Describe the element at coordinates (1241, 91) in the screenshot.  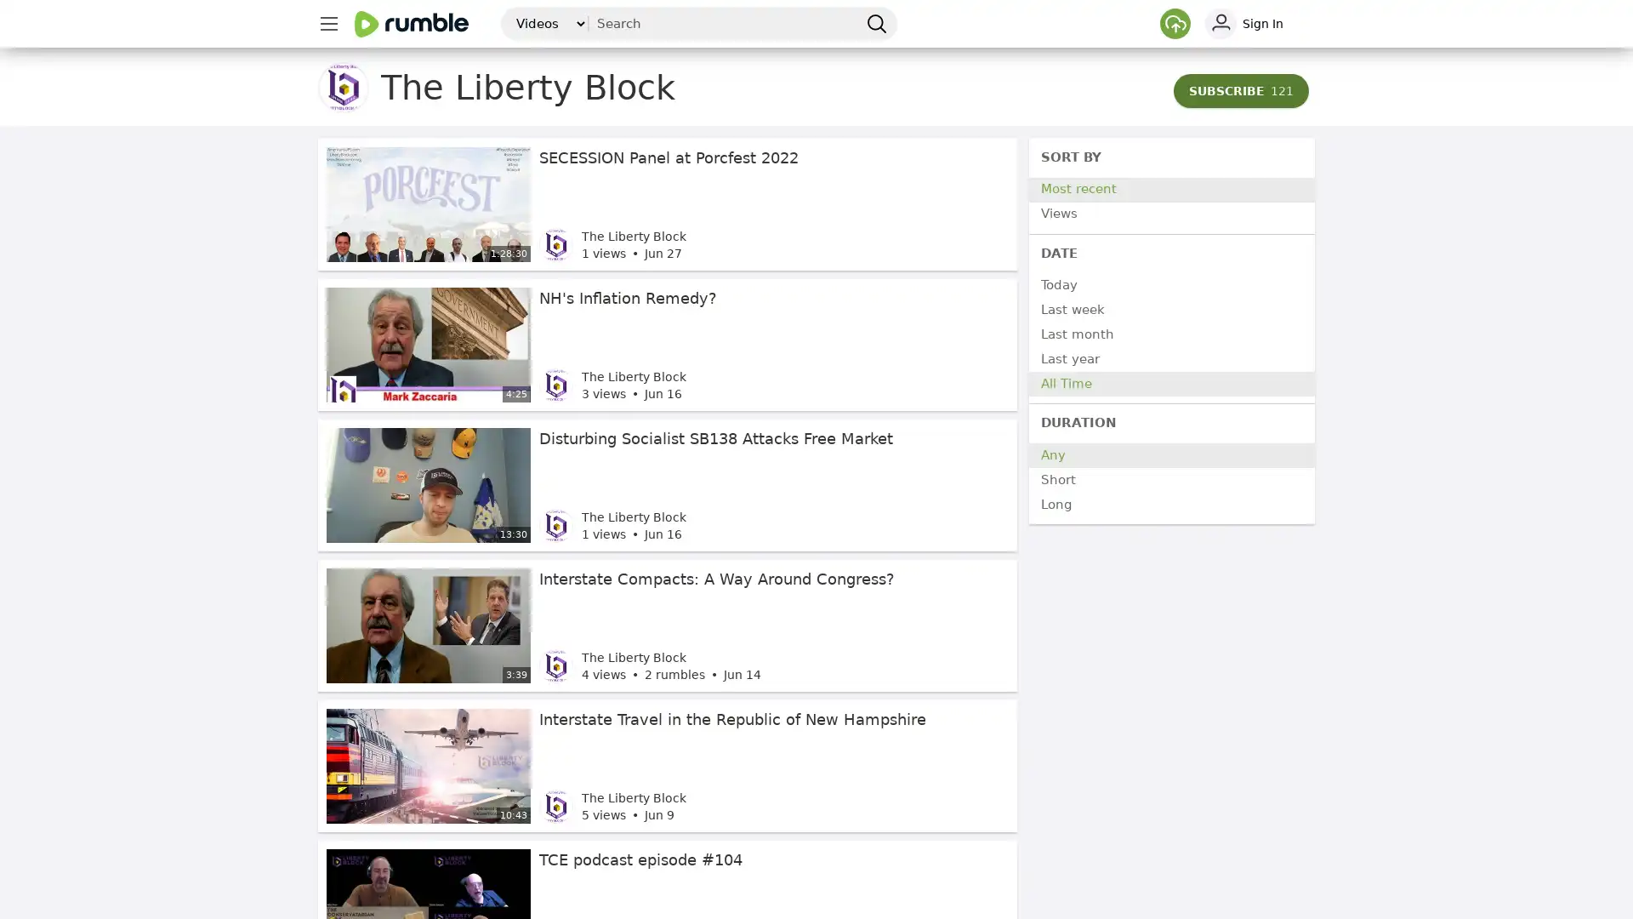
I see `SUBSCRIBE 121` at that location.